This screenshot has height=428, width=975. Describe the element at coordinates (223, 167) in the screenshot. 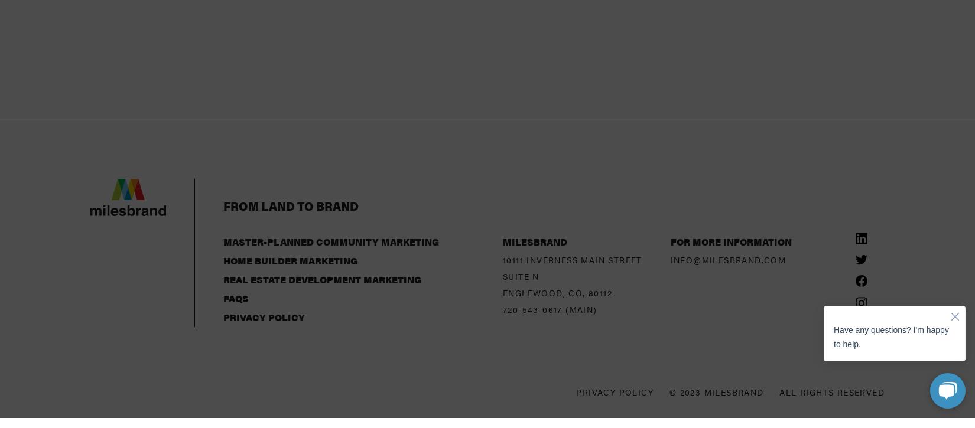

I see `'Home Builder Marketing'` at that location.